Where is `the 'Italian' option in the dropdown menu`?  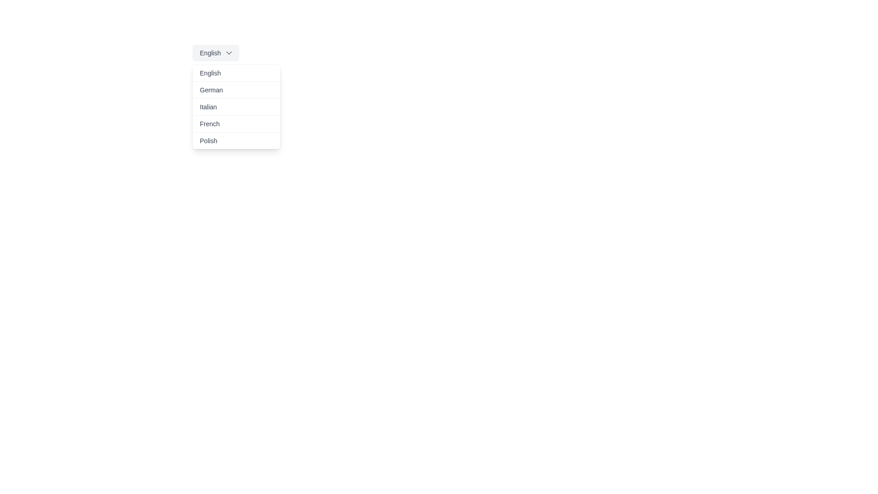 the 'Italian' option in the dropdown menu is located at coordinates (236, 107).